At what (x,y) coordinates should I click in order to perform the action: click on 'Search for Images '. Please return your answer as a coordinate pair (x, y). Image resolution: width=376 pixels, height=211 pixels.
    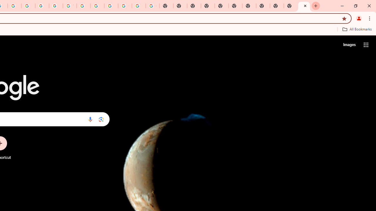
    Looking at the image, I should click on (349, 45).